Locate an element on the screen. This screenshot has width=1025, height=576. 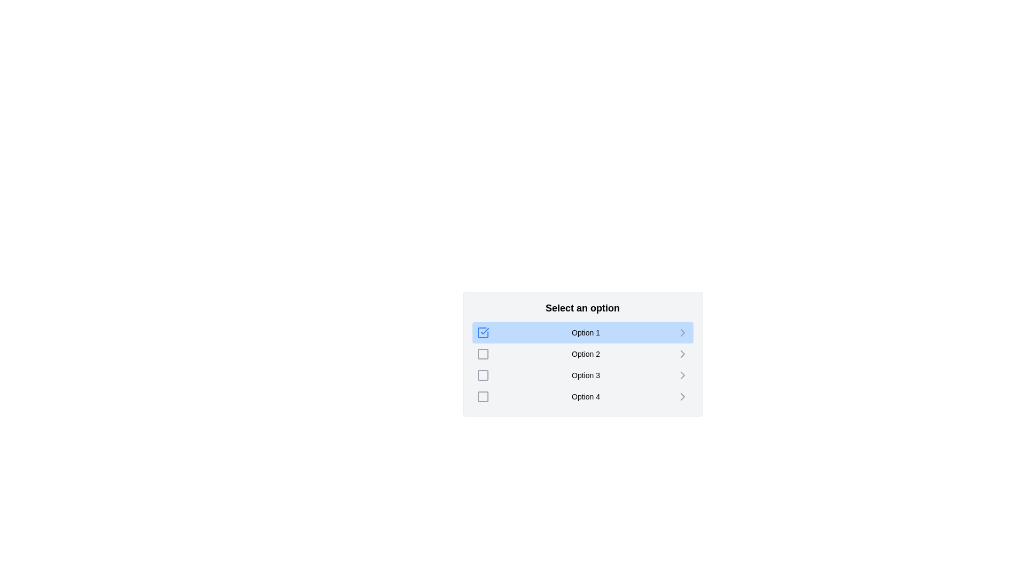
the text label displaying 'Option 2', which is part of a vertical list of options and has an icon preceding it and a right-arrow following it is located at coordinates (585, 354).